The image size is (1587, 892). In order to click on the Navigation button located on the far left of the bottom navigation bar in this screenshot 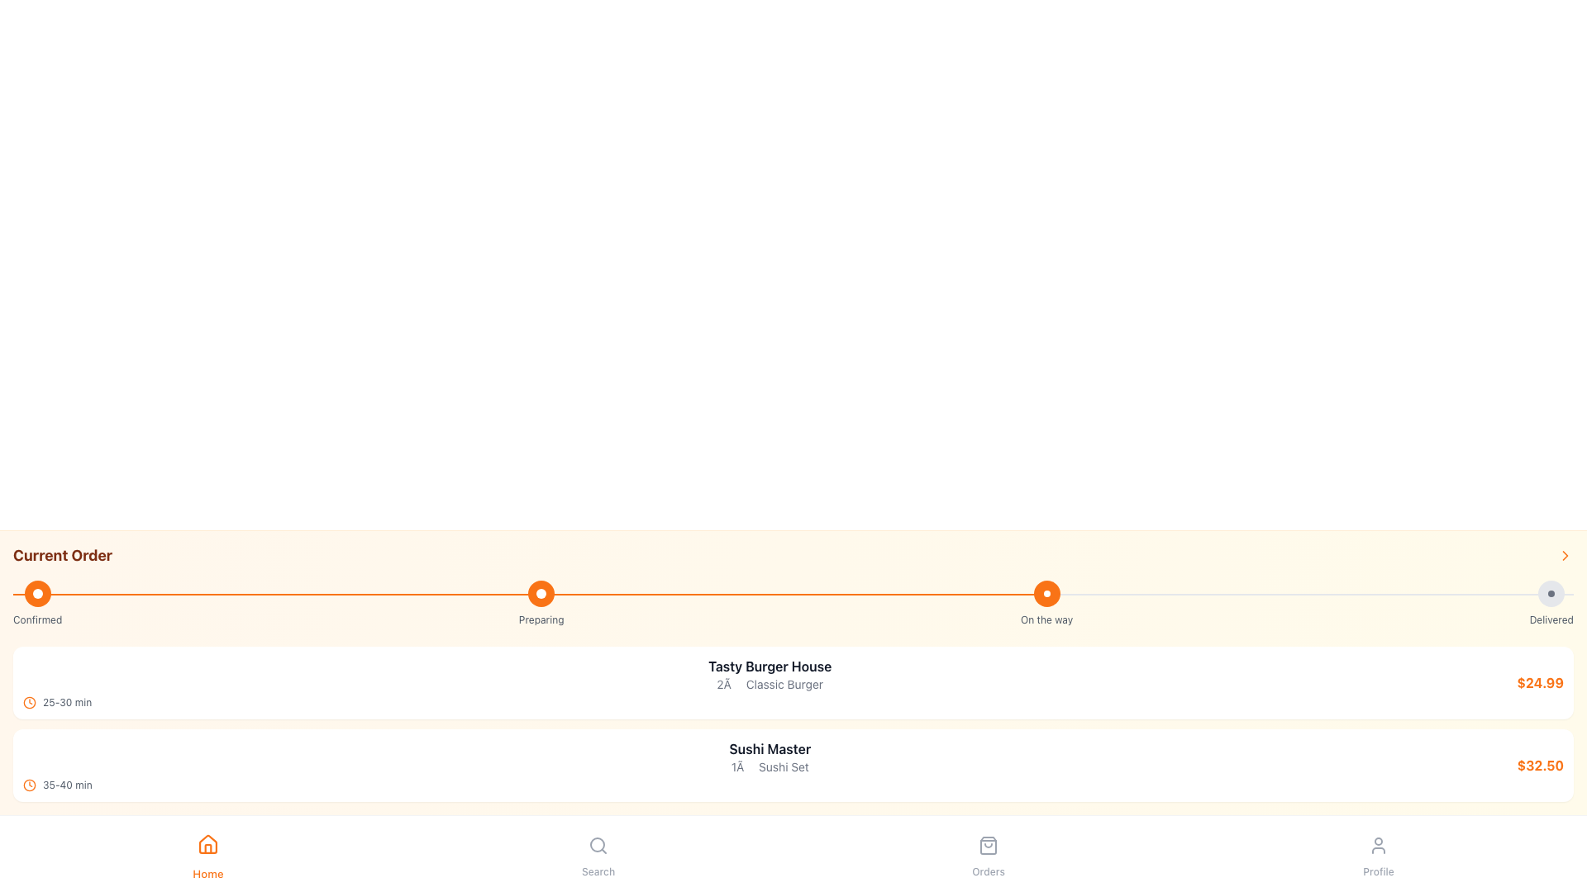, I will do `click(207, 853)`.